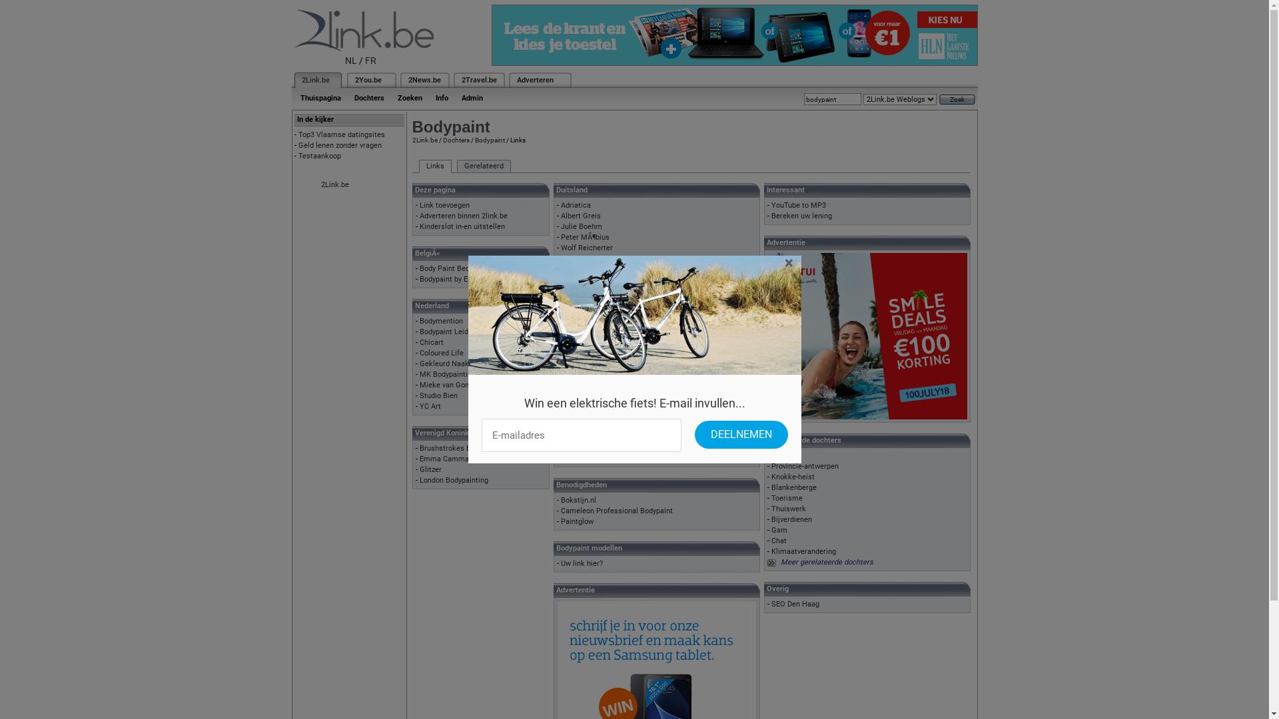  What do you see at coordinates (368, 80) in the screenshot?
I see `'2You.be'` at bounding box center [368, 80].